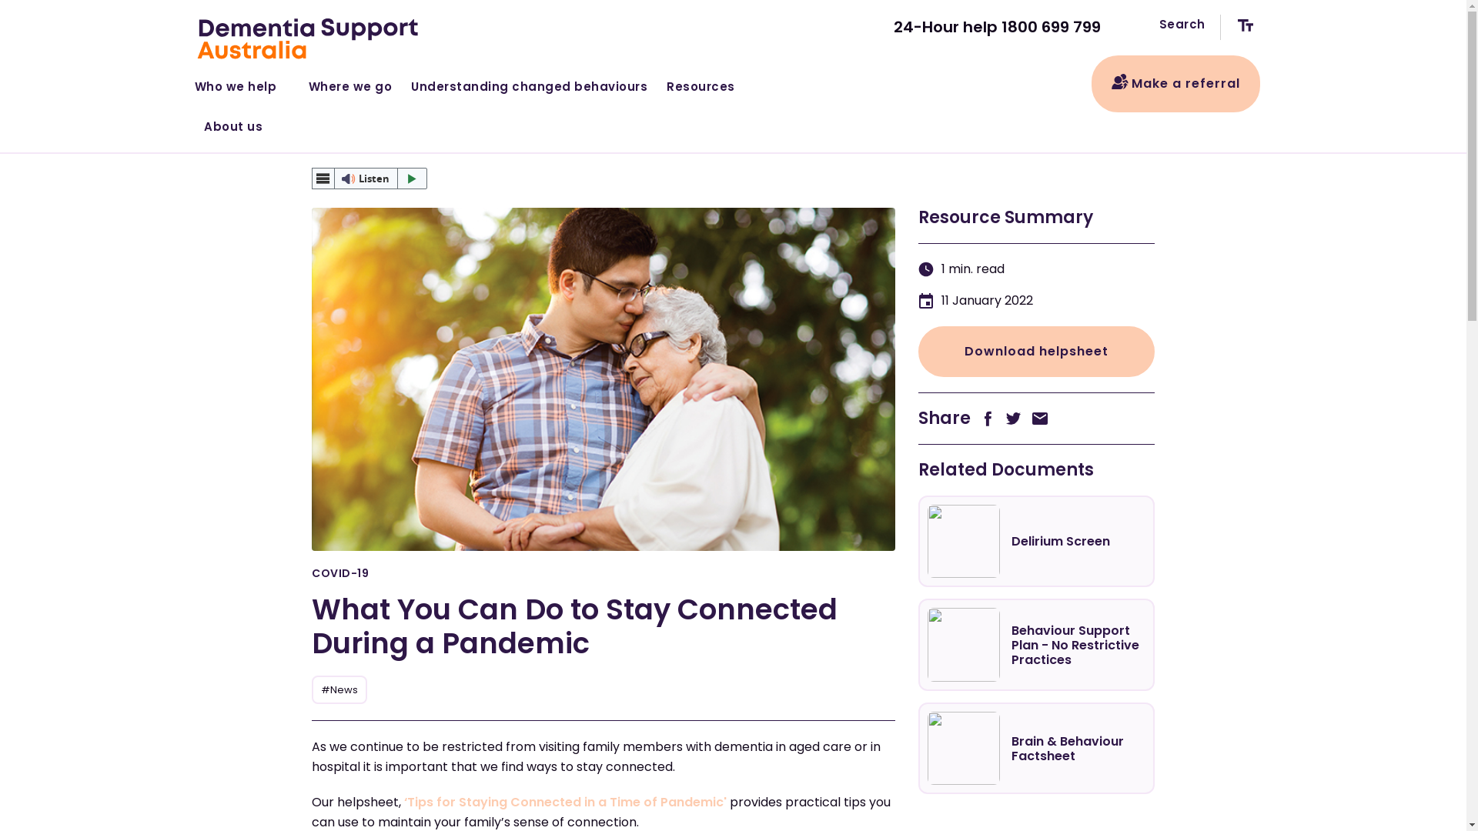  Describe the element at coordinates (309, 38) in the screenshot. I see `'DSA landscape website logo_RGB'` at that location.